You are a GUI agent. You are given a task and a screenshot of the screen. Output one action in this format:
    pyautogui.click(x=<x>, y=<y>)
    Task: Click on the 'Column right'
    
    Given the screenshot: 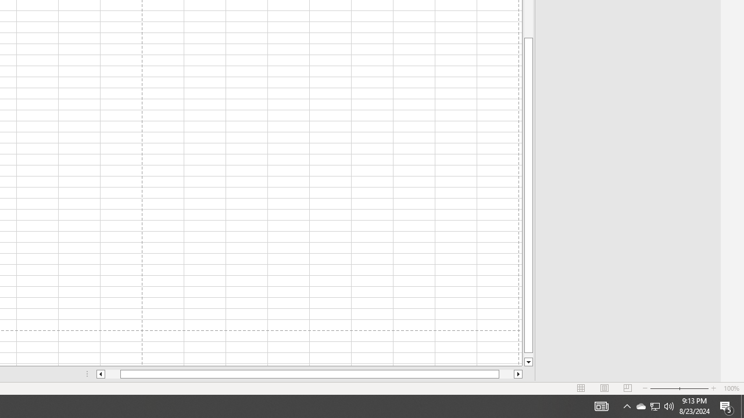 What is the action you would take?
    pyautogui.click(x=518, y=374)
    